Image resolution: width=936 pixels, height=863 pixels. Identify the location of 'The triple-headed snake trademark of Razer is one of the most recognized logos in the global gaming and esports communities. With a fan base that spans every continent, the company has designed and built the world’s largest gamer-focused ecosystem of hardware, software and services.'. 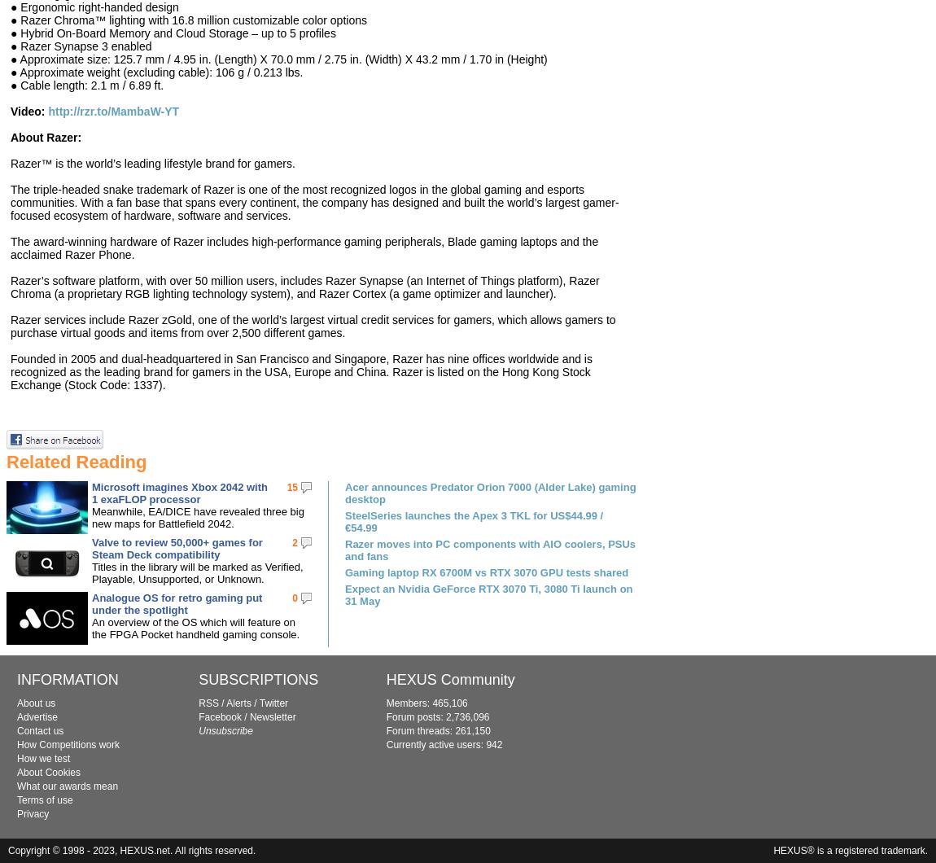
(314, 201).